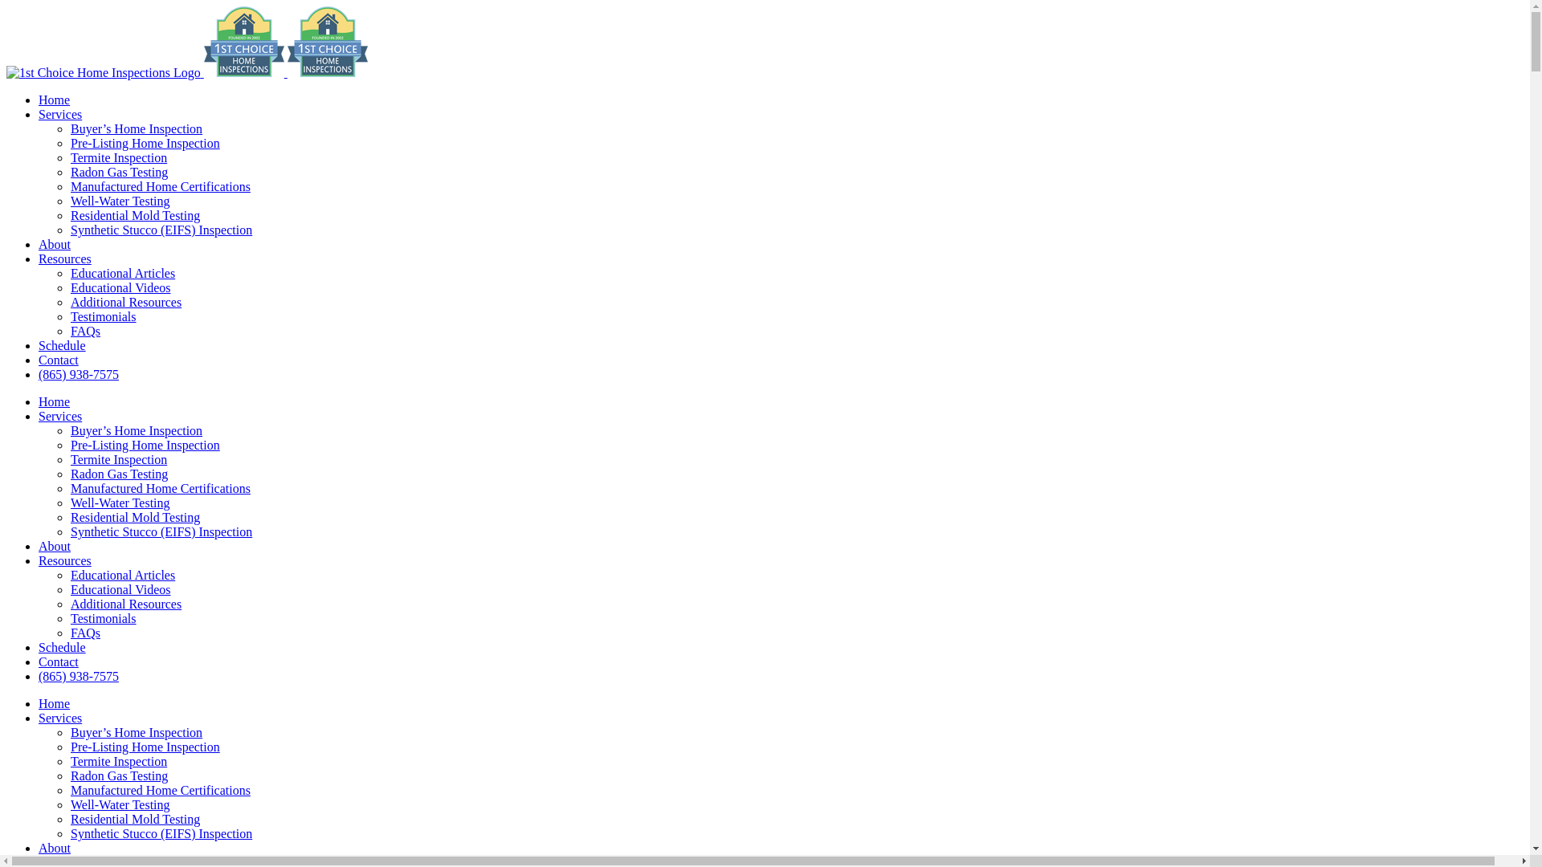  Describe the element at coordinates (6, 6) in the screenshot. I see `'Skip to content'` at that location.